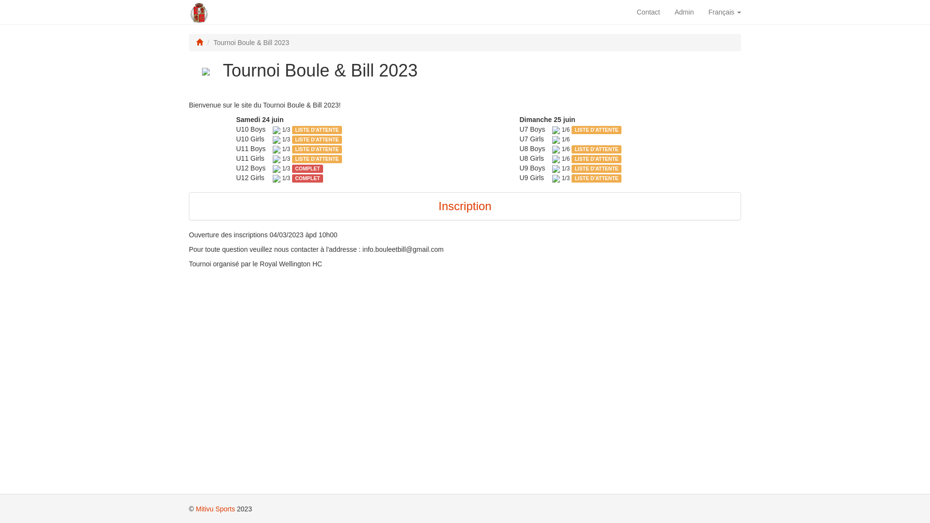 Image resolution: width=930 pixels, height=523 pixels. Describe the element at coordinates (464, 205) in the screenshot. I see `'Inscription'` at that location.